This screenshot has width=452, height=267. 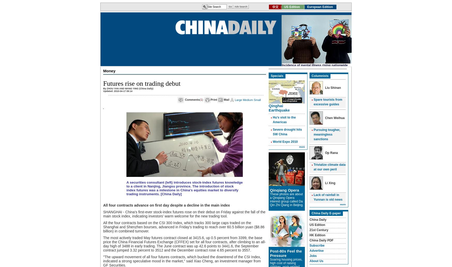 What do you see at coordinates (286, 253) in the screenshot?
I see `'Post-80s Feel the Pressure'` at bounding box center [286, 253].